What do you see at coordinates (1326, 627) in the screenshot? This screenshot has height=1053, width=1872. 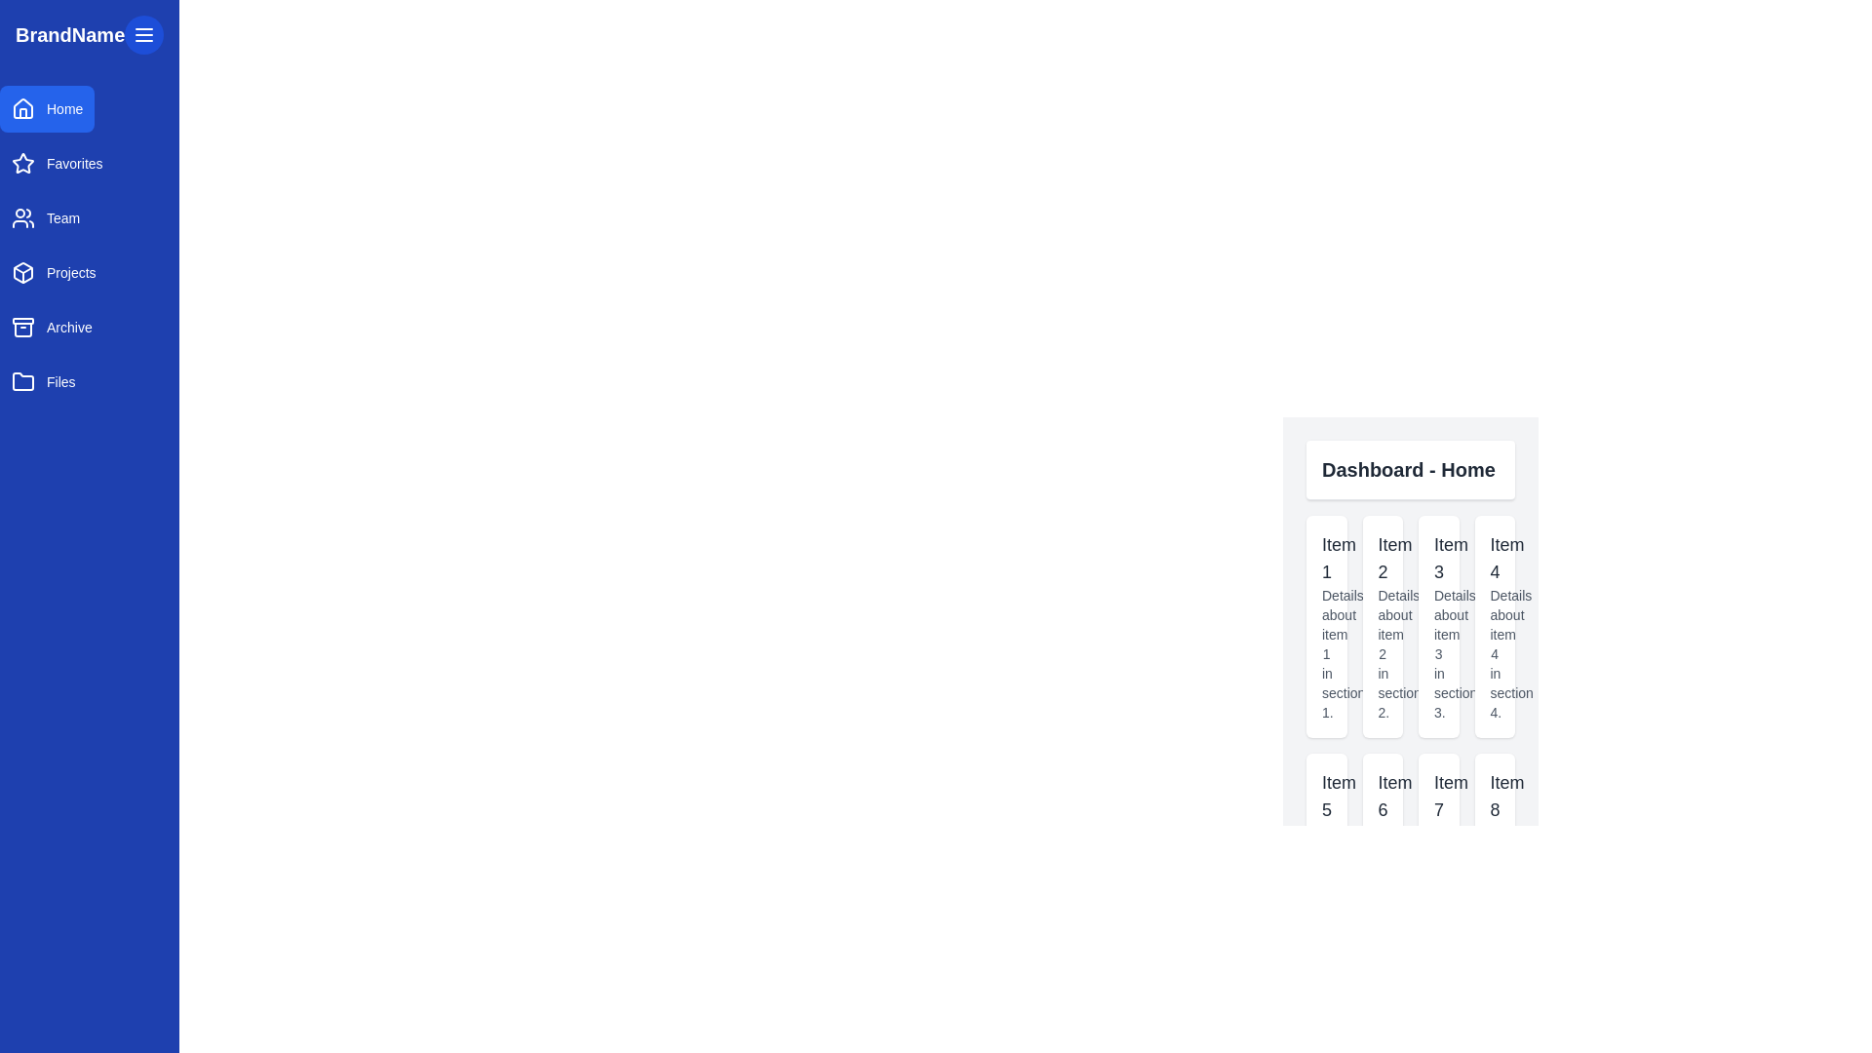 I see `the first card component in the grid layout that has a white background, rounded corners, and displays the title 'Item 1' and subtitle 'Details about item 1 in section 1.' to observe its shadow effect on hover` at bounding box center [1326, 627].